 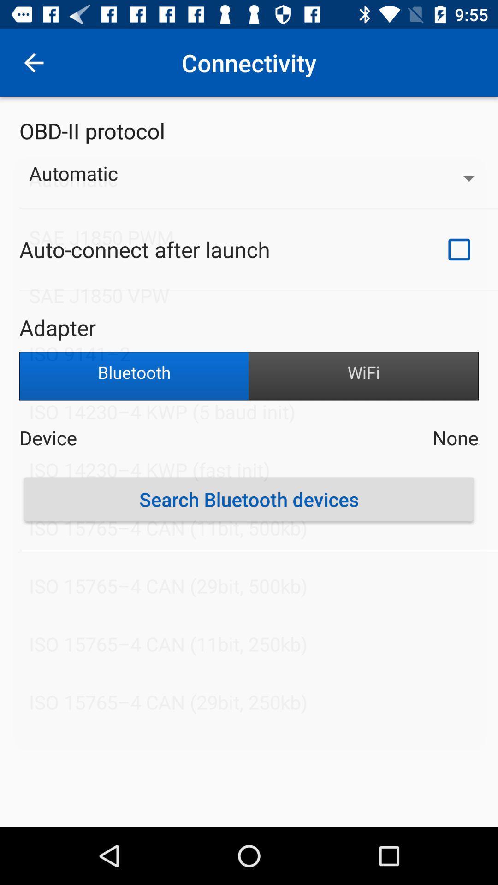 What do you see at coordinates (134, 376) in the screenshot?
I see `bluetooth button on page` at bounding box center [134, 376].